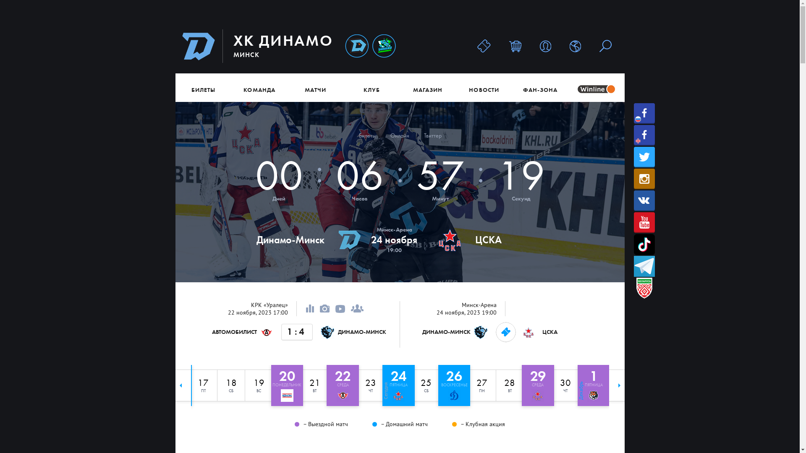 The width and height of the screenshot is (806, 453). What do you see at coordinates (644, 113) in the screenshot?
I see `'Facebook'` at bounding box center [644, 113].